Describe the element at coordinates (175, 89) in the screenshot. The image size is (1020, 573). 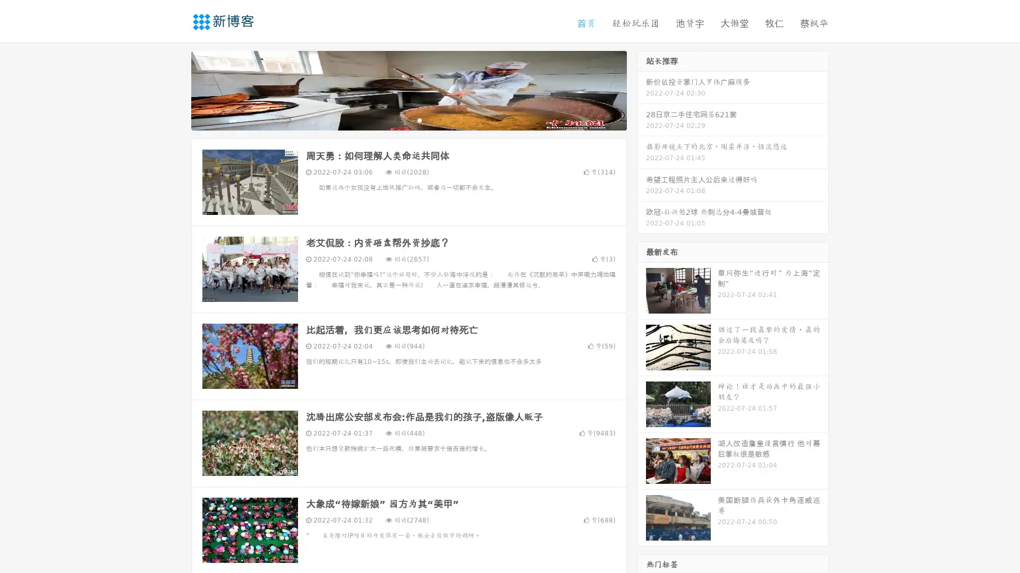
I see `Previous slide` at that location.